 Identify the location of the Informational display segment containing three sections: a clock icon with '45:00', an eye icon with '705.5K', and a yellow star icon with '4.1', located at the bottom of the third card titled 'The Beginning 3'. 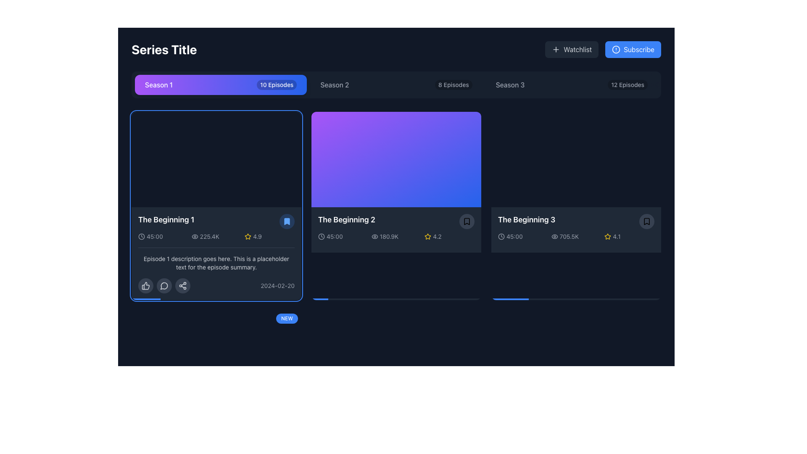
(576, 237).